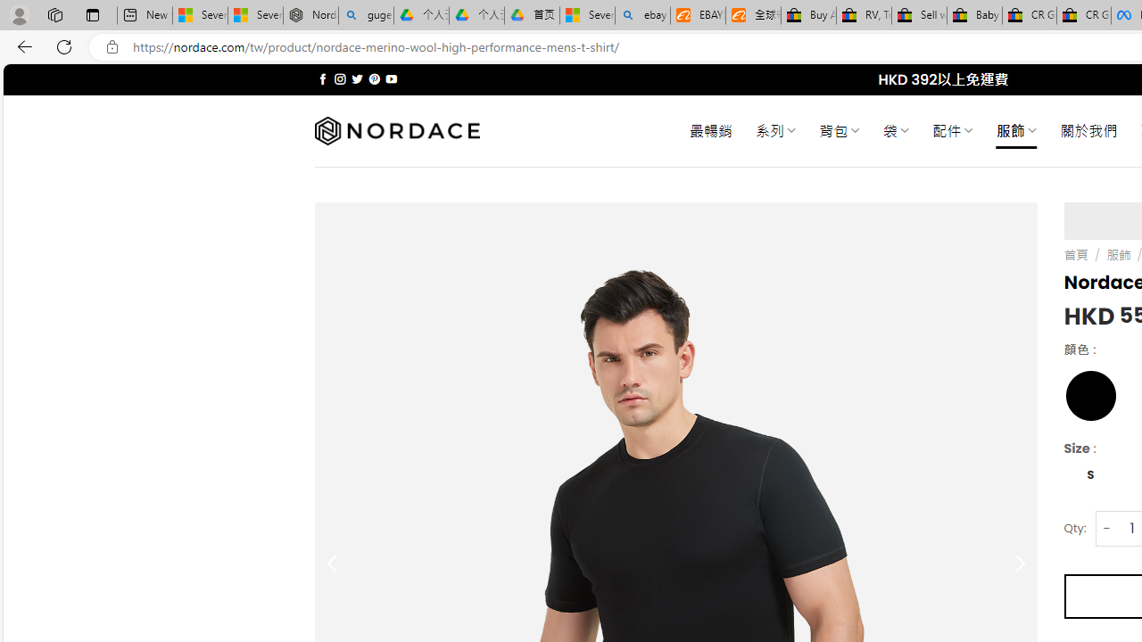  What do you see at coordinates (973, 15) in the screenshot?
I see `'Baby Keepsakes & Announcements for sale | eBay'` at bounding box center [973, 15].